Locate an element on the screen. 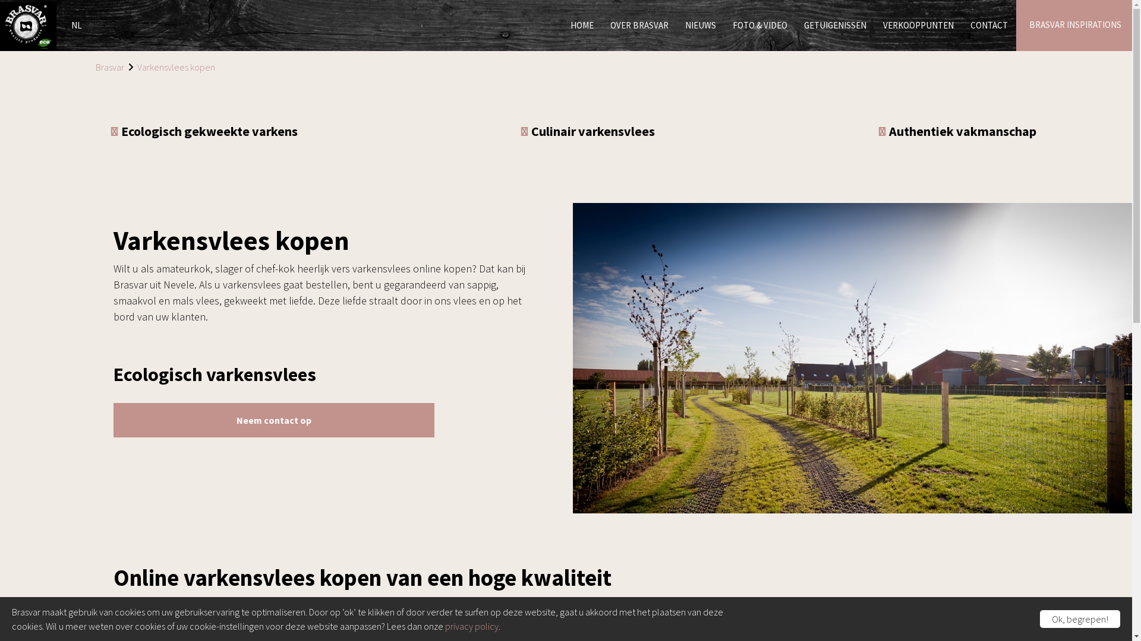 This screenshot has height=641, width=1141. 'FOTO & VIDEO' is located at coordinates (759, 26).